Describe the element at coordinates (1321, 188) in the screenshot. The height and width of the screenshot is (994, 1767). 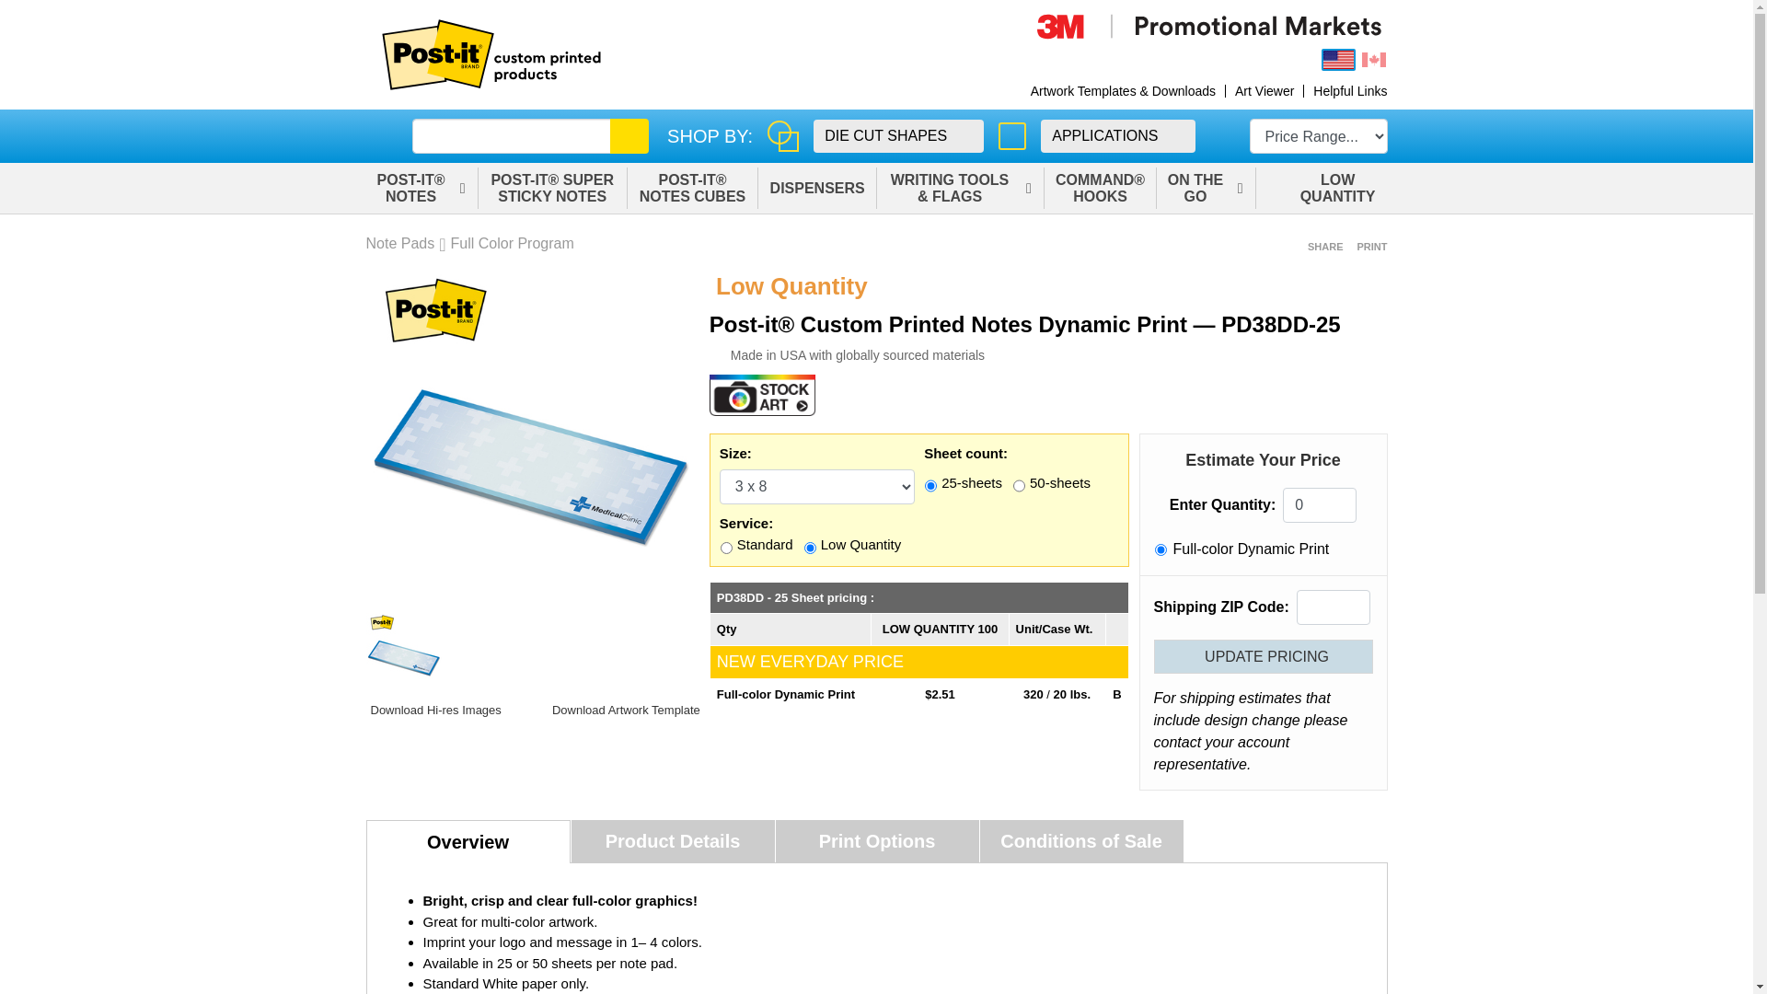
I see `'LOW` at that location.